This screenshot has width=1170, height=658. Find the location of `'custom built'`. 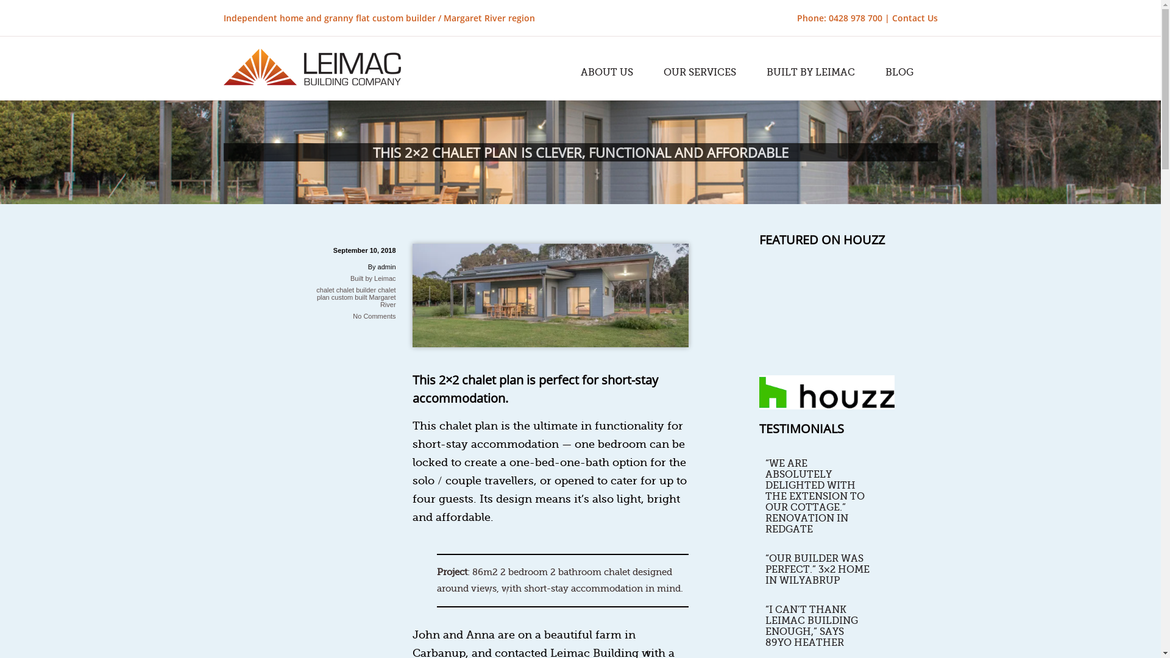

'custom built' is located at coordinates (349, 297).